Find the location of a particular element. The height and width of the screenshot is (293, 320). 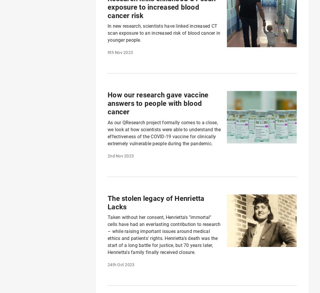

'Speak confidentially with our support services team for information and support.' is located at coordinates (181, 233).